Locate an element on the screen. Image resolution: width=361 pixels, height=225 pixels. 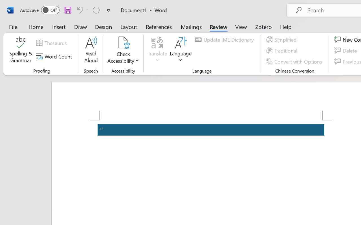
'Traditional' is located at coordinates (283, 50).